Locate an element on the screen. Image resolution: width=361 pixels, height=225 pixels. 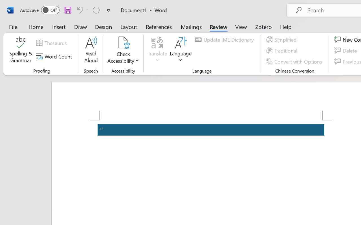
'Traditional' is located at coordinates (283, 50).